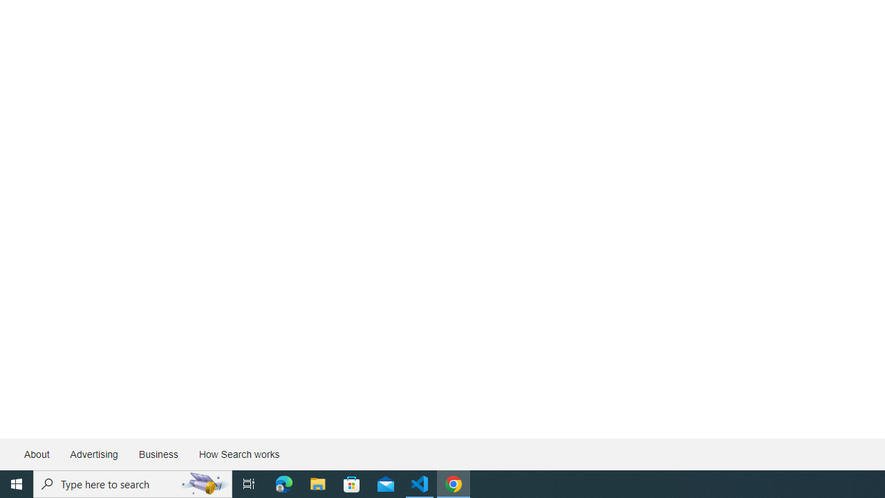 The image size is (885, 498). What do you see at coordinates (93, 454) in the screenshot?
I see `'Advertising'` at bounding box center [93, 454].